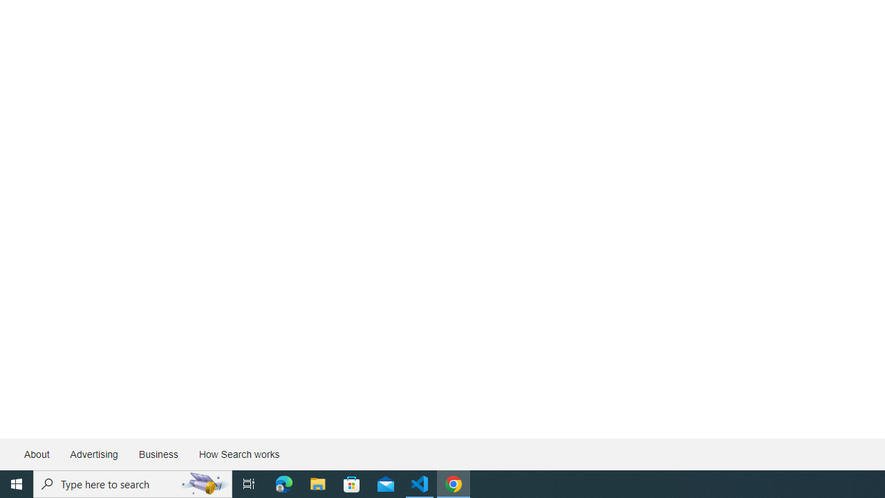 The image size is (885, 498). What do you see at coordinates (93, 454) in the screenshot?
I see `'Advertising'` at bounding box center [93, 454].